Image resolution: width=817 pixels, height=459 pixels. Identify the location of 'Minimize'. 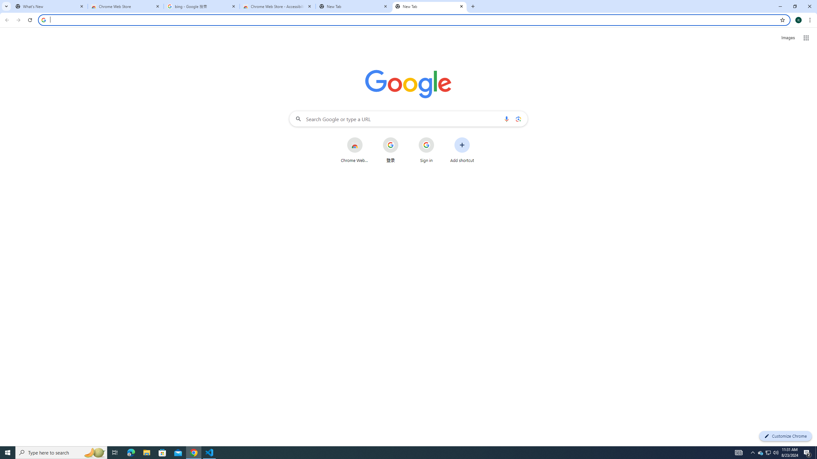
(780, 6).